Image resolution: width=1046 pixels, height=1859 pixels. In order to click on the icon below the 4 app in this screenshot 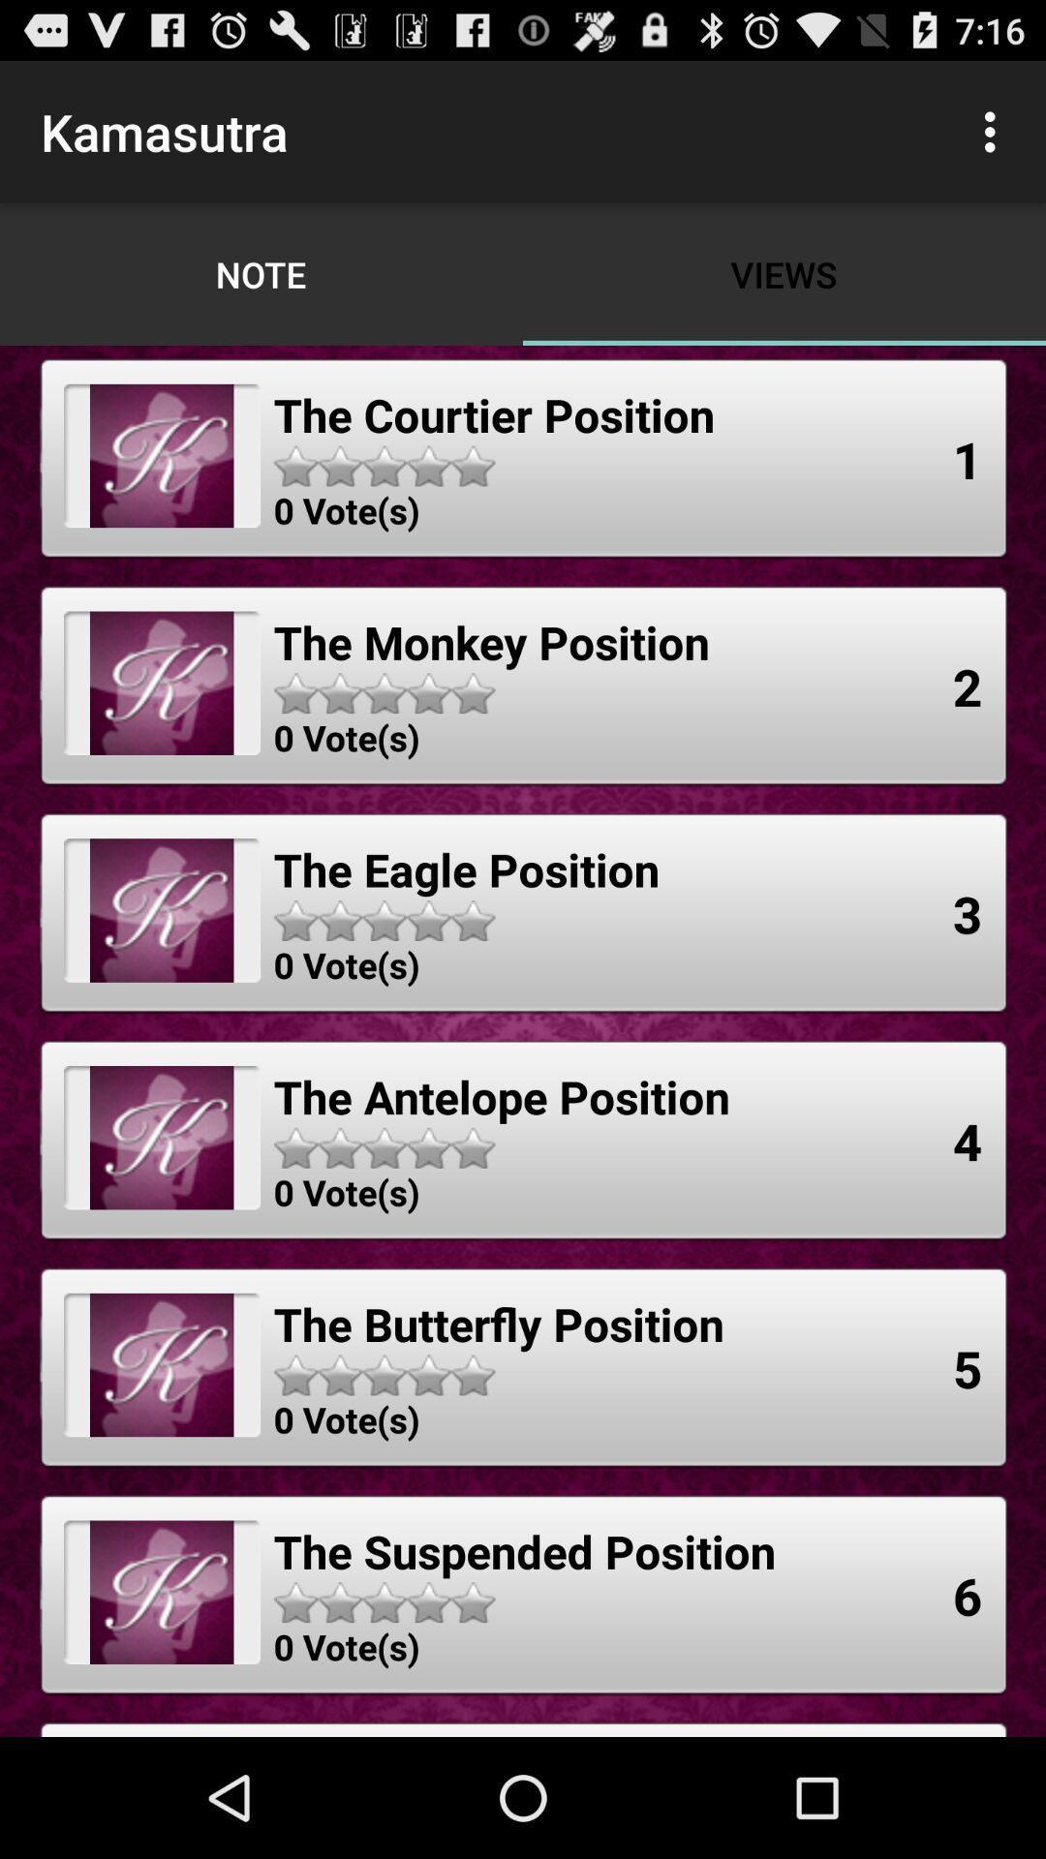, I will do `click(968, 1367)`.